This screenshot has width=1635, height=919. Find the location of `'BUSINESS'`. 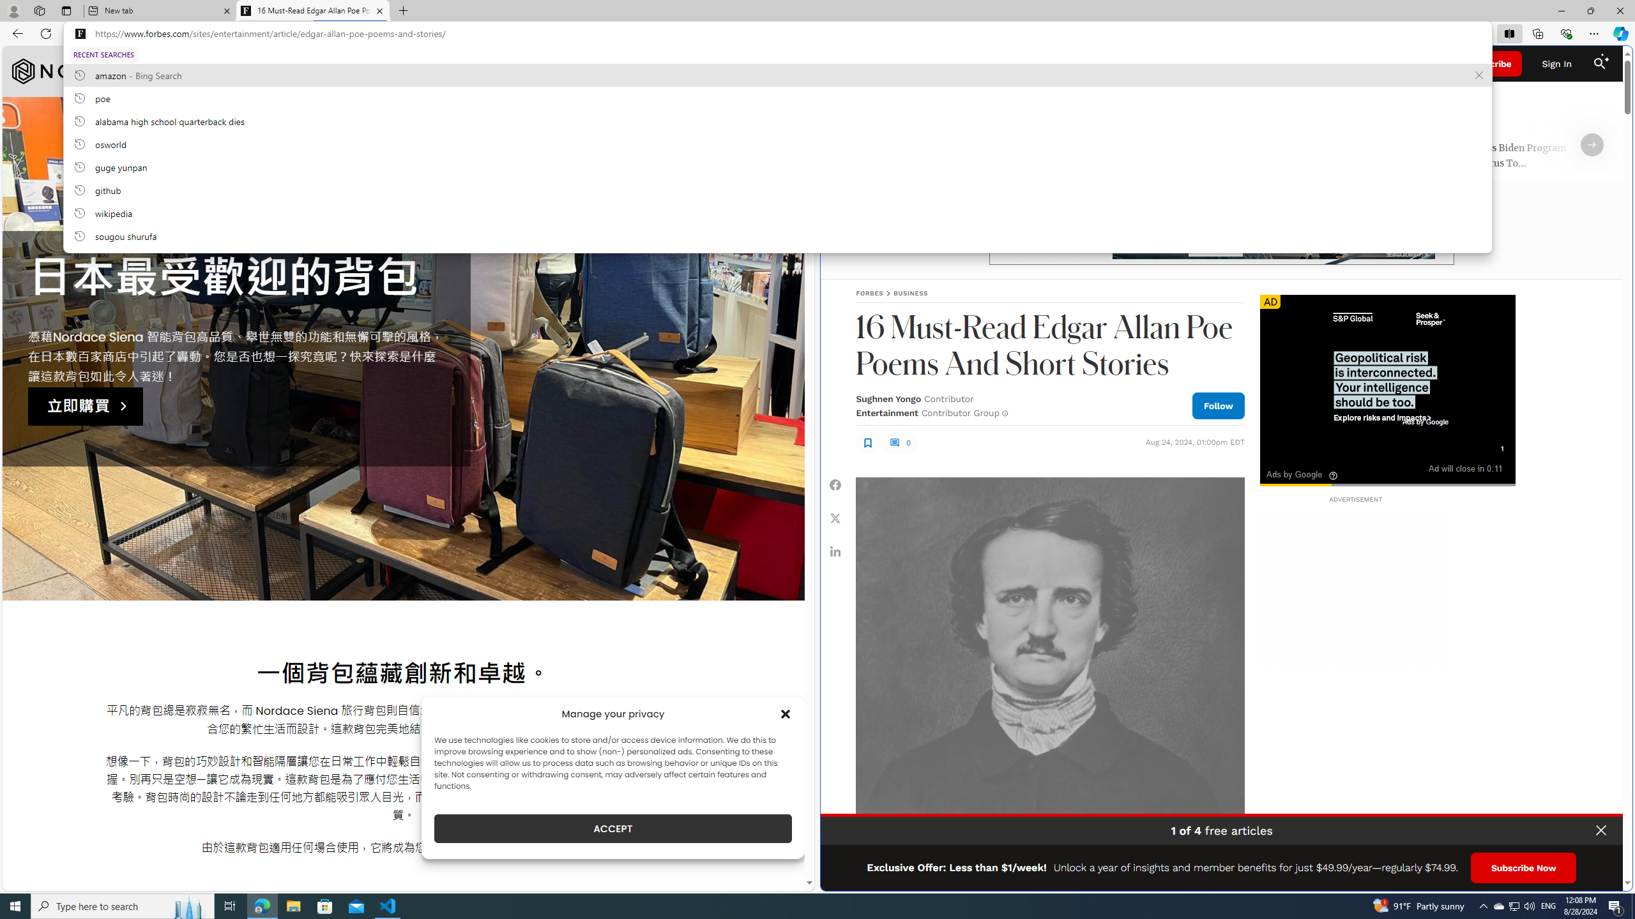

'BUSINESS' is located at coordinates (909, 293).